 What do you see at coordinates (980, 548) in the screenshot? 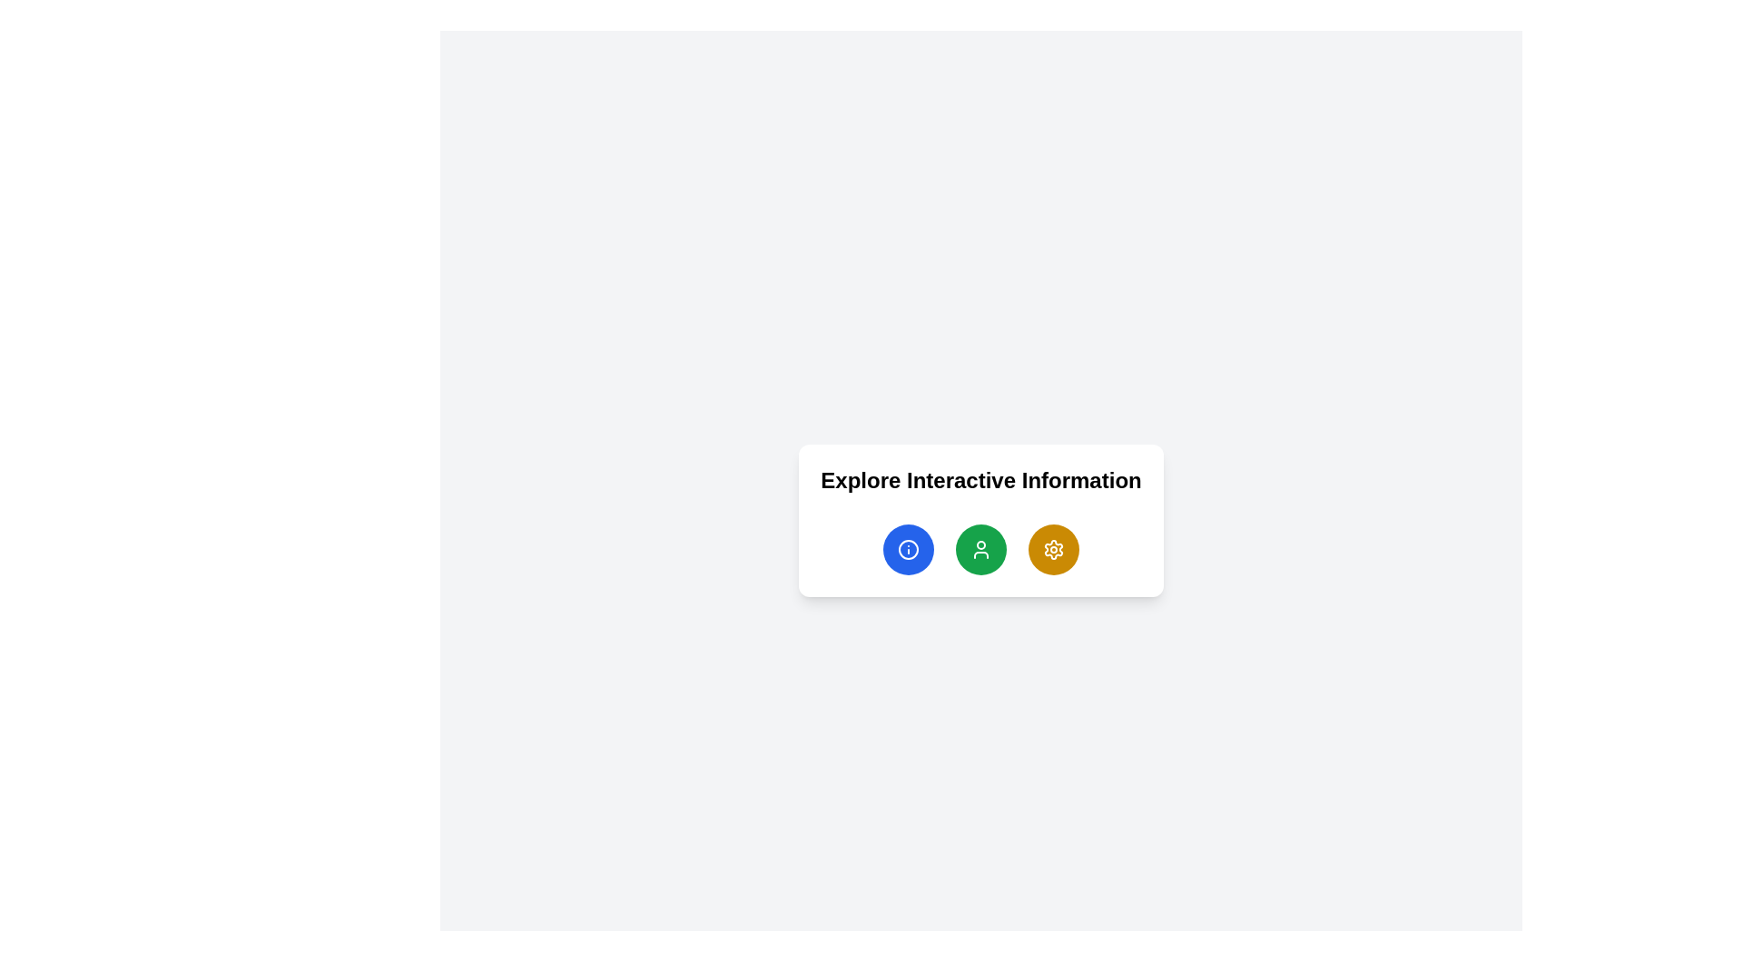
I see `the second button in the row of three buttons located below the text 'Explore Interactive Information'` at bounding box center [980, 548].